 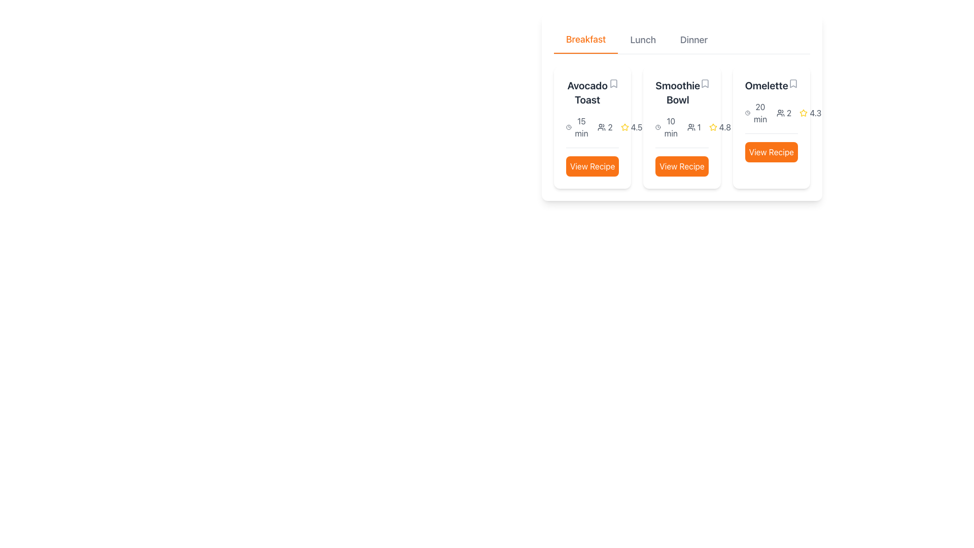 I want to click on the 'Smoothie Bowl' text label, which is prominently styled in a bold, large font in dark gray, located at the top center of its card component between 'Avocado Toast' and 'Omelette' under the 'Breakfast' tab, so click(x=682, y=92).